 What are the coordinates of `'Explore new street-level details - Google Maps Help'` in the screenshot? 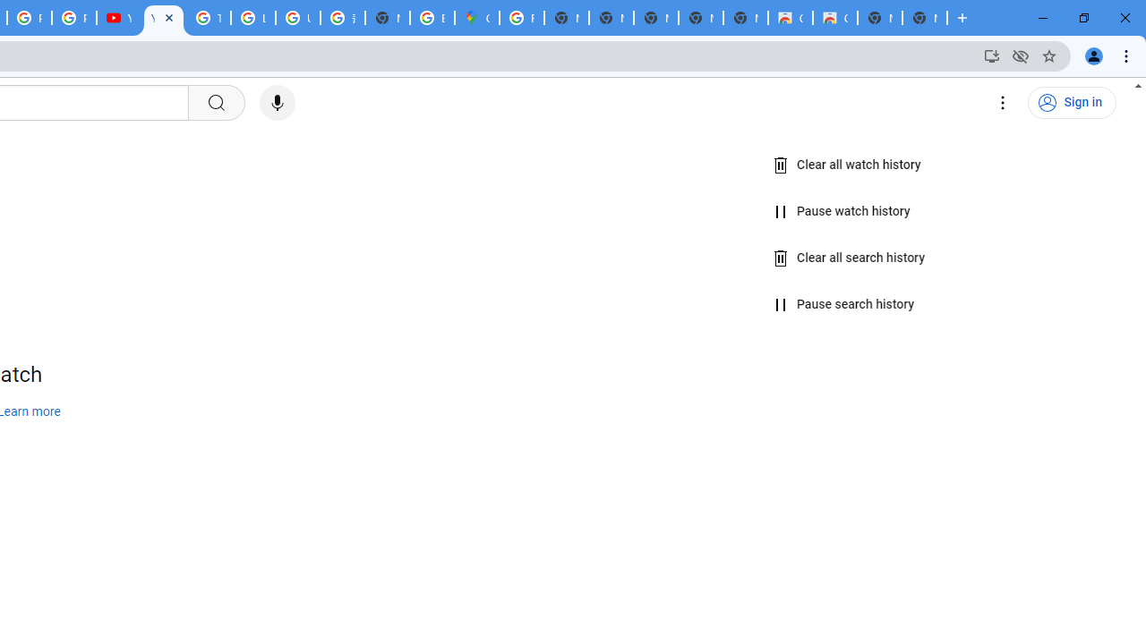 It's located at (432, 18).